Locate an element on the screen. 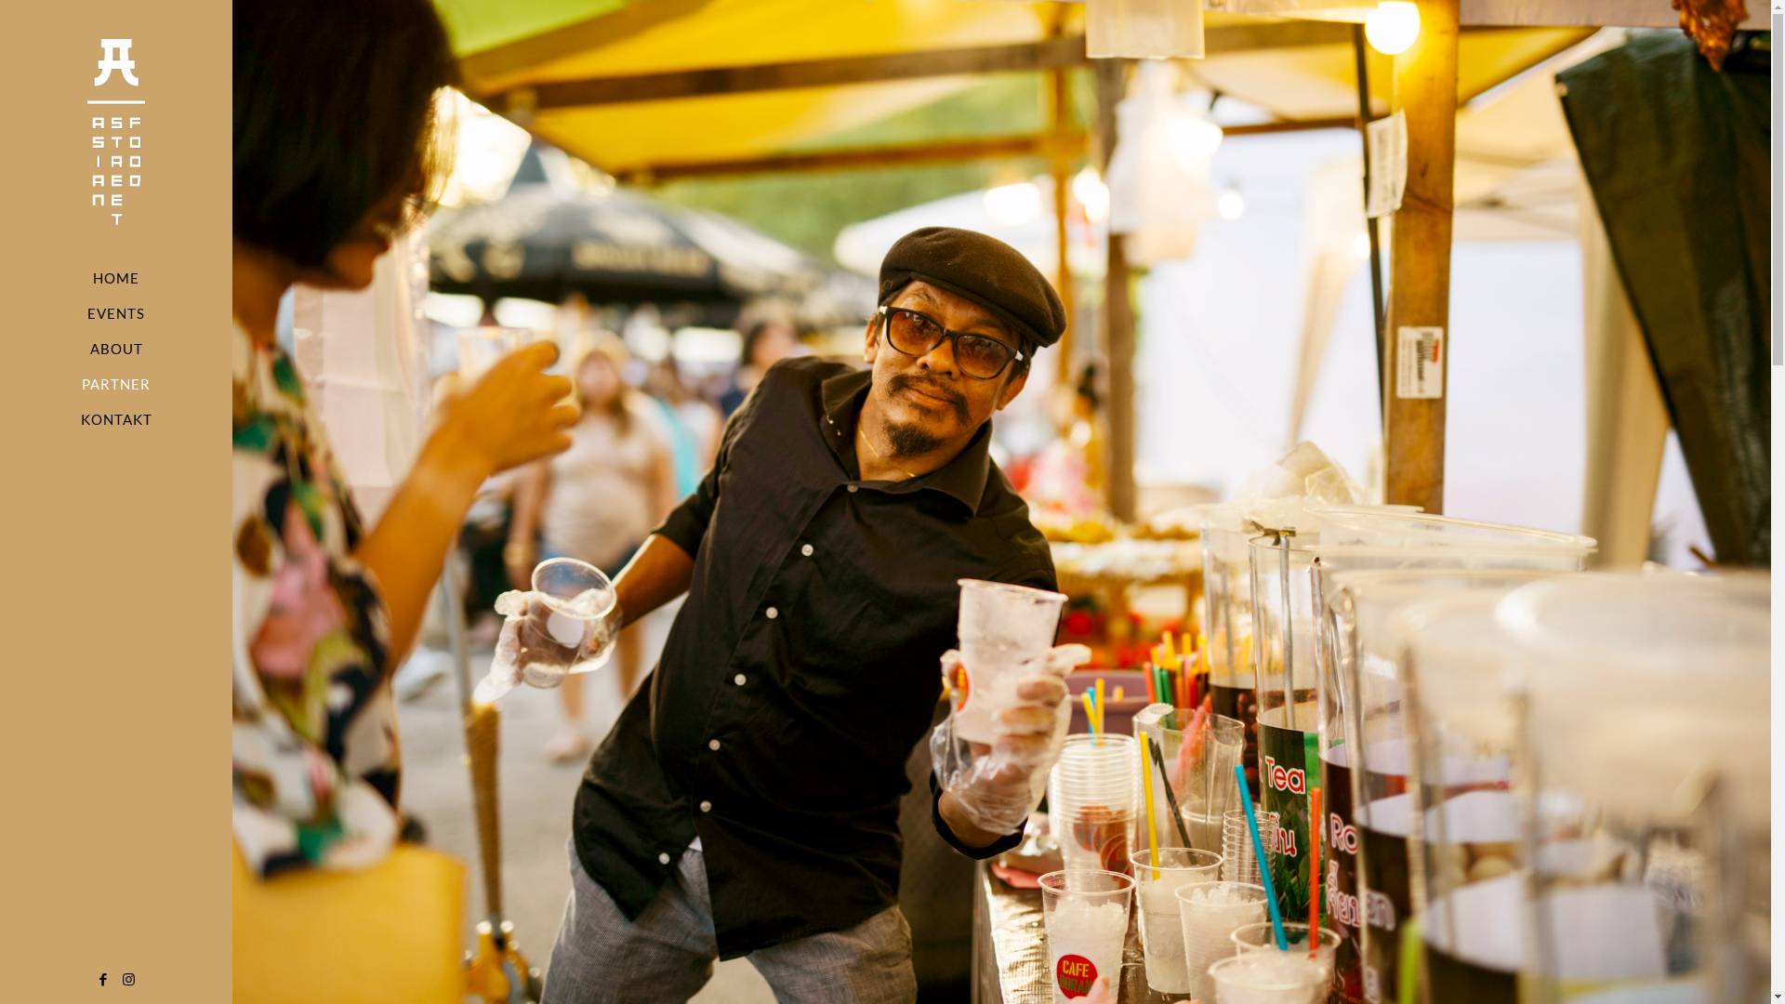 The width and height of the screenshot is (1785, 1004). 'PARTNER' is located at coordinates (114, 382).